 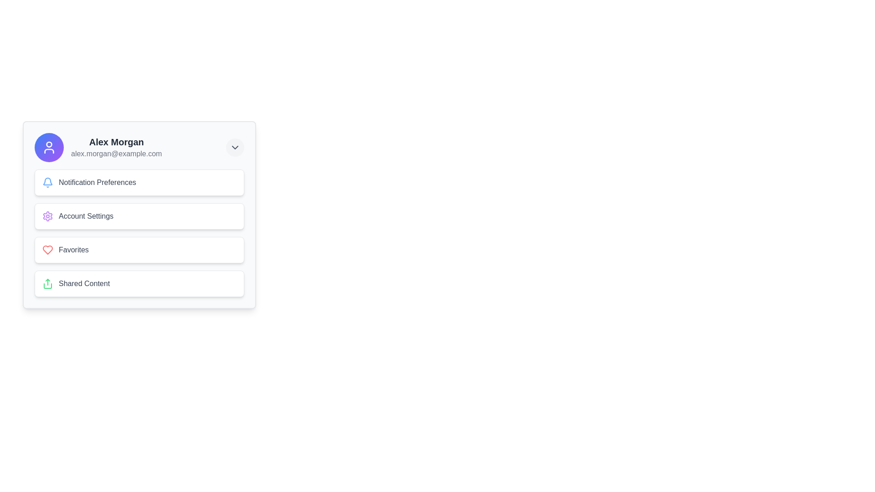 What do you see at coordinates (86, 216) in the screenshot?
I see `the label for the account settings menu option, which is the second option from the top in the vertically stacked menu, located to the right of the purple gear icon` at bounding box center [86, 216].